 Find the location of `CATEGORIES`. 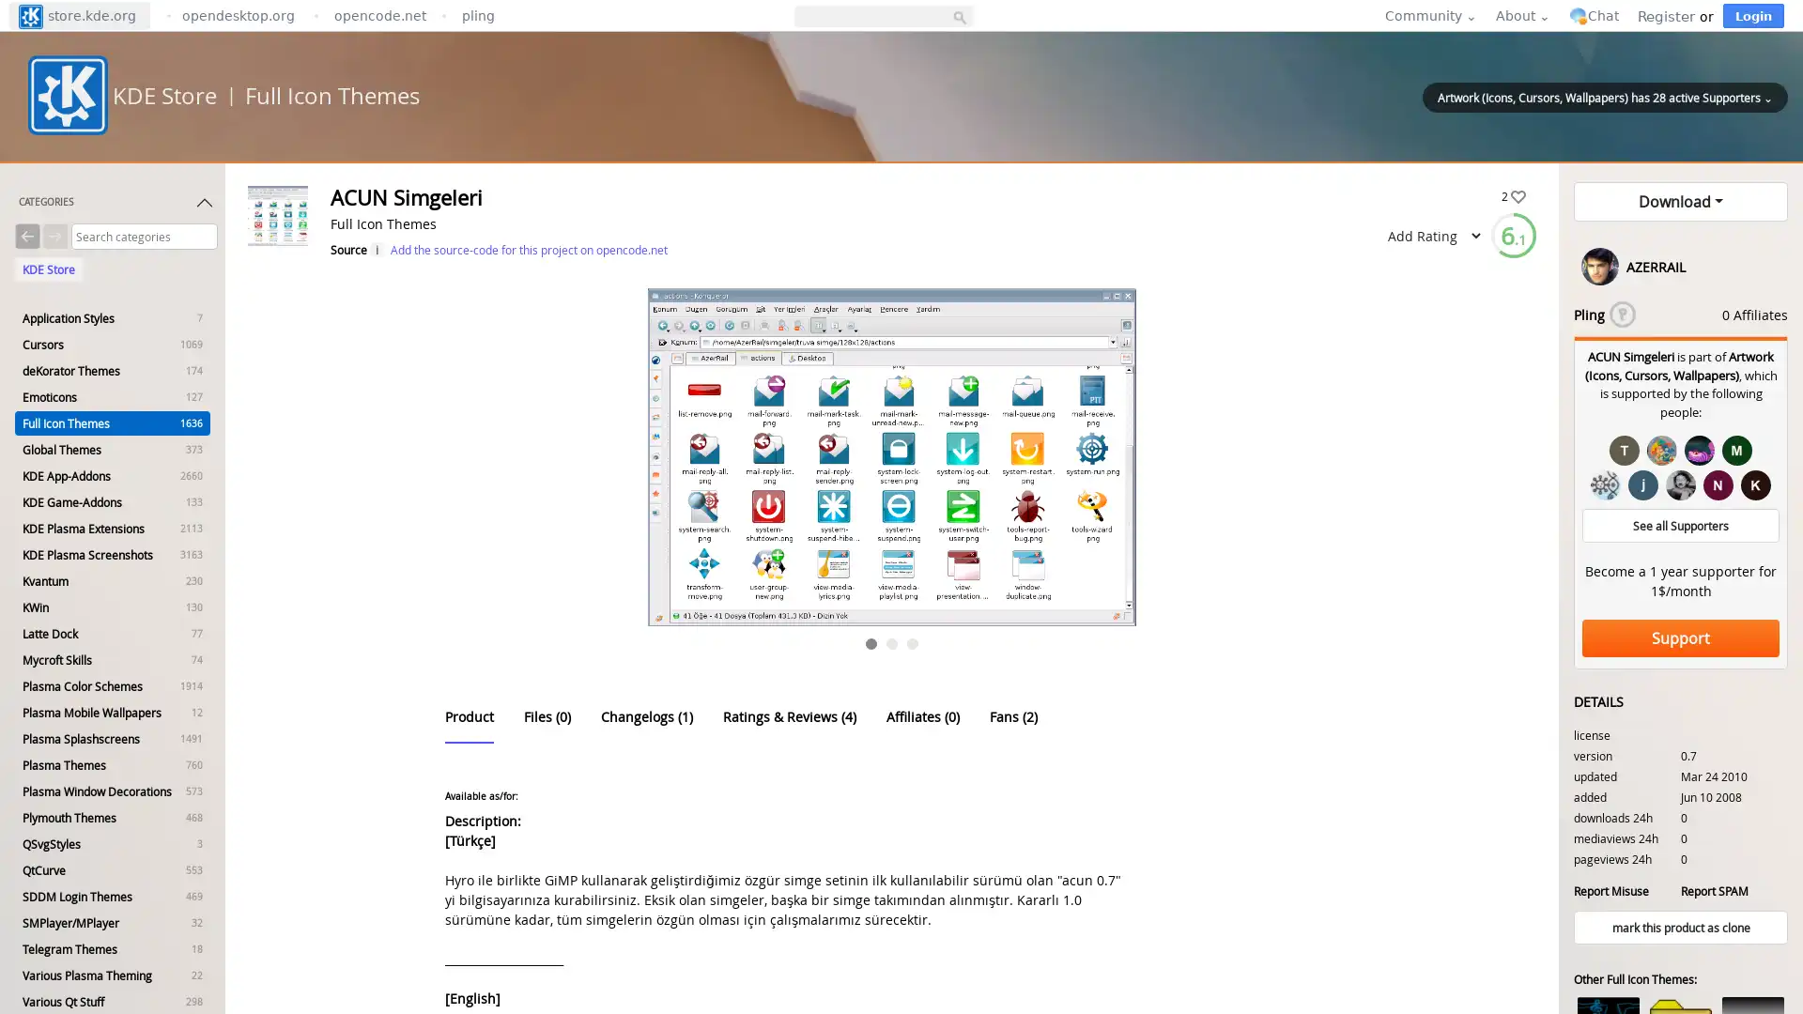

CATEGORIES is located at coordinates (116, 206).